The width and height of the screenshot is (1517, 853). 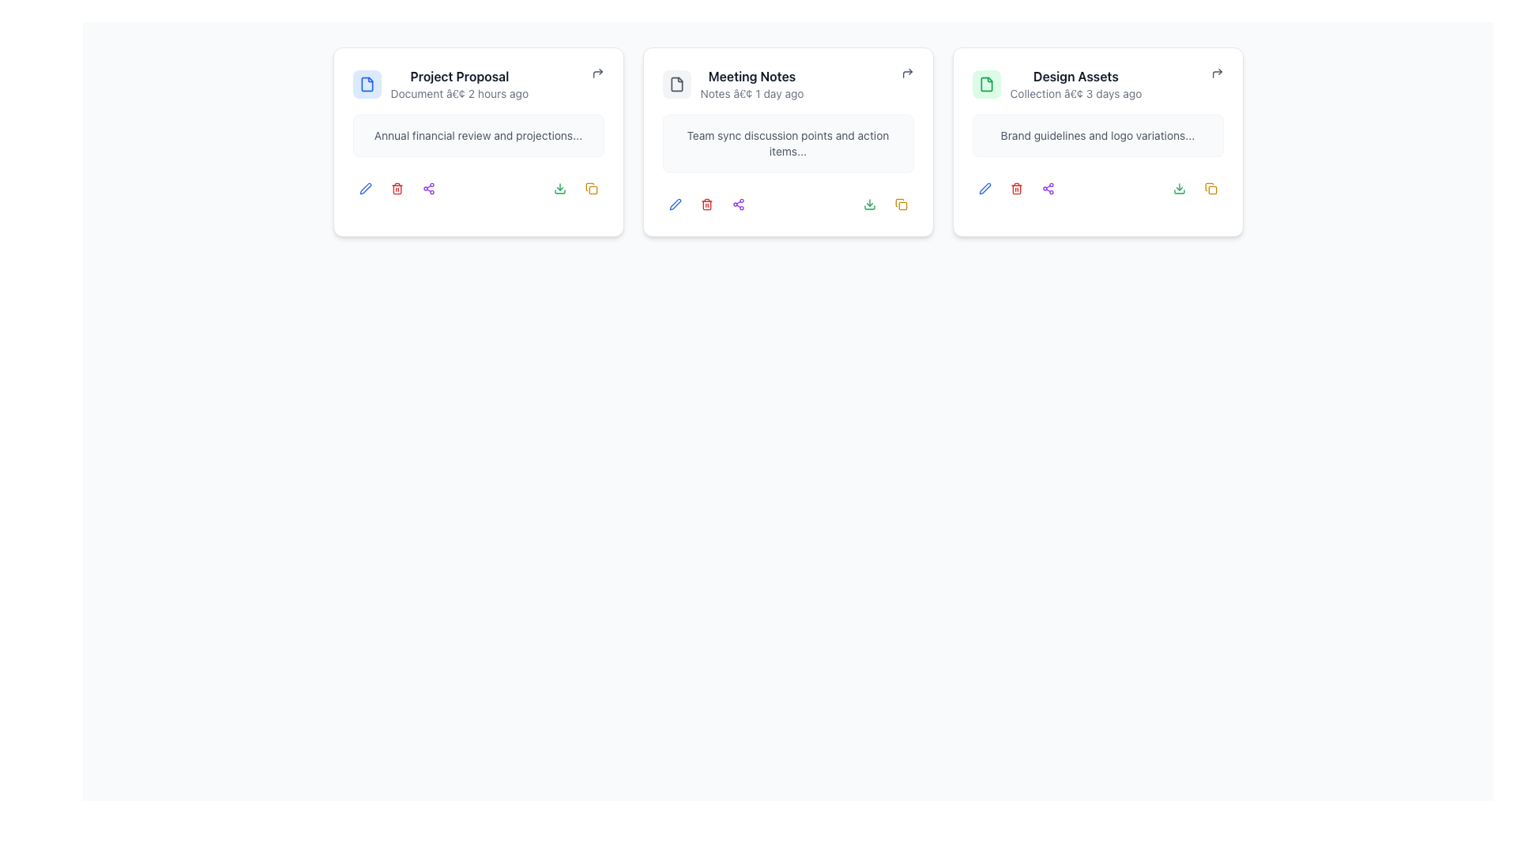 I want to click on the red trash can icon button located beneath the card titled 'Design Assets', which is the second icon from the left in a row of action buttons, so click(x=1016, y=188).